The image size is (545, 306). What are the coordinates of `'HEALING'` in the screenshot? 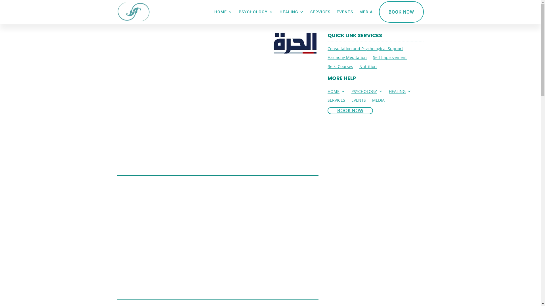 It's located at (400, 92).